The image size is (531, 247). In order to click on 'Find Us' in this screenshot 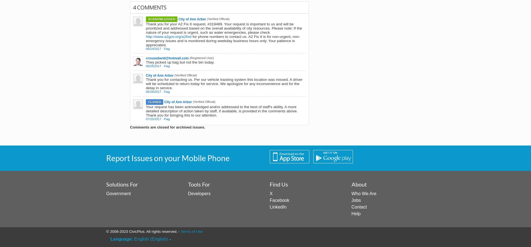, I will do `click(270, 184)`.